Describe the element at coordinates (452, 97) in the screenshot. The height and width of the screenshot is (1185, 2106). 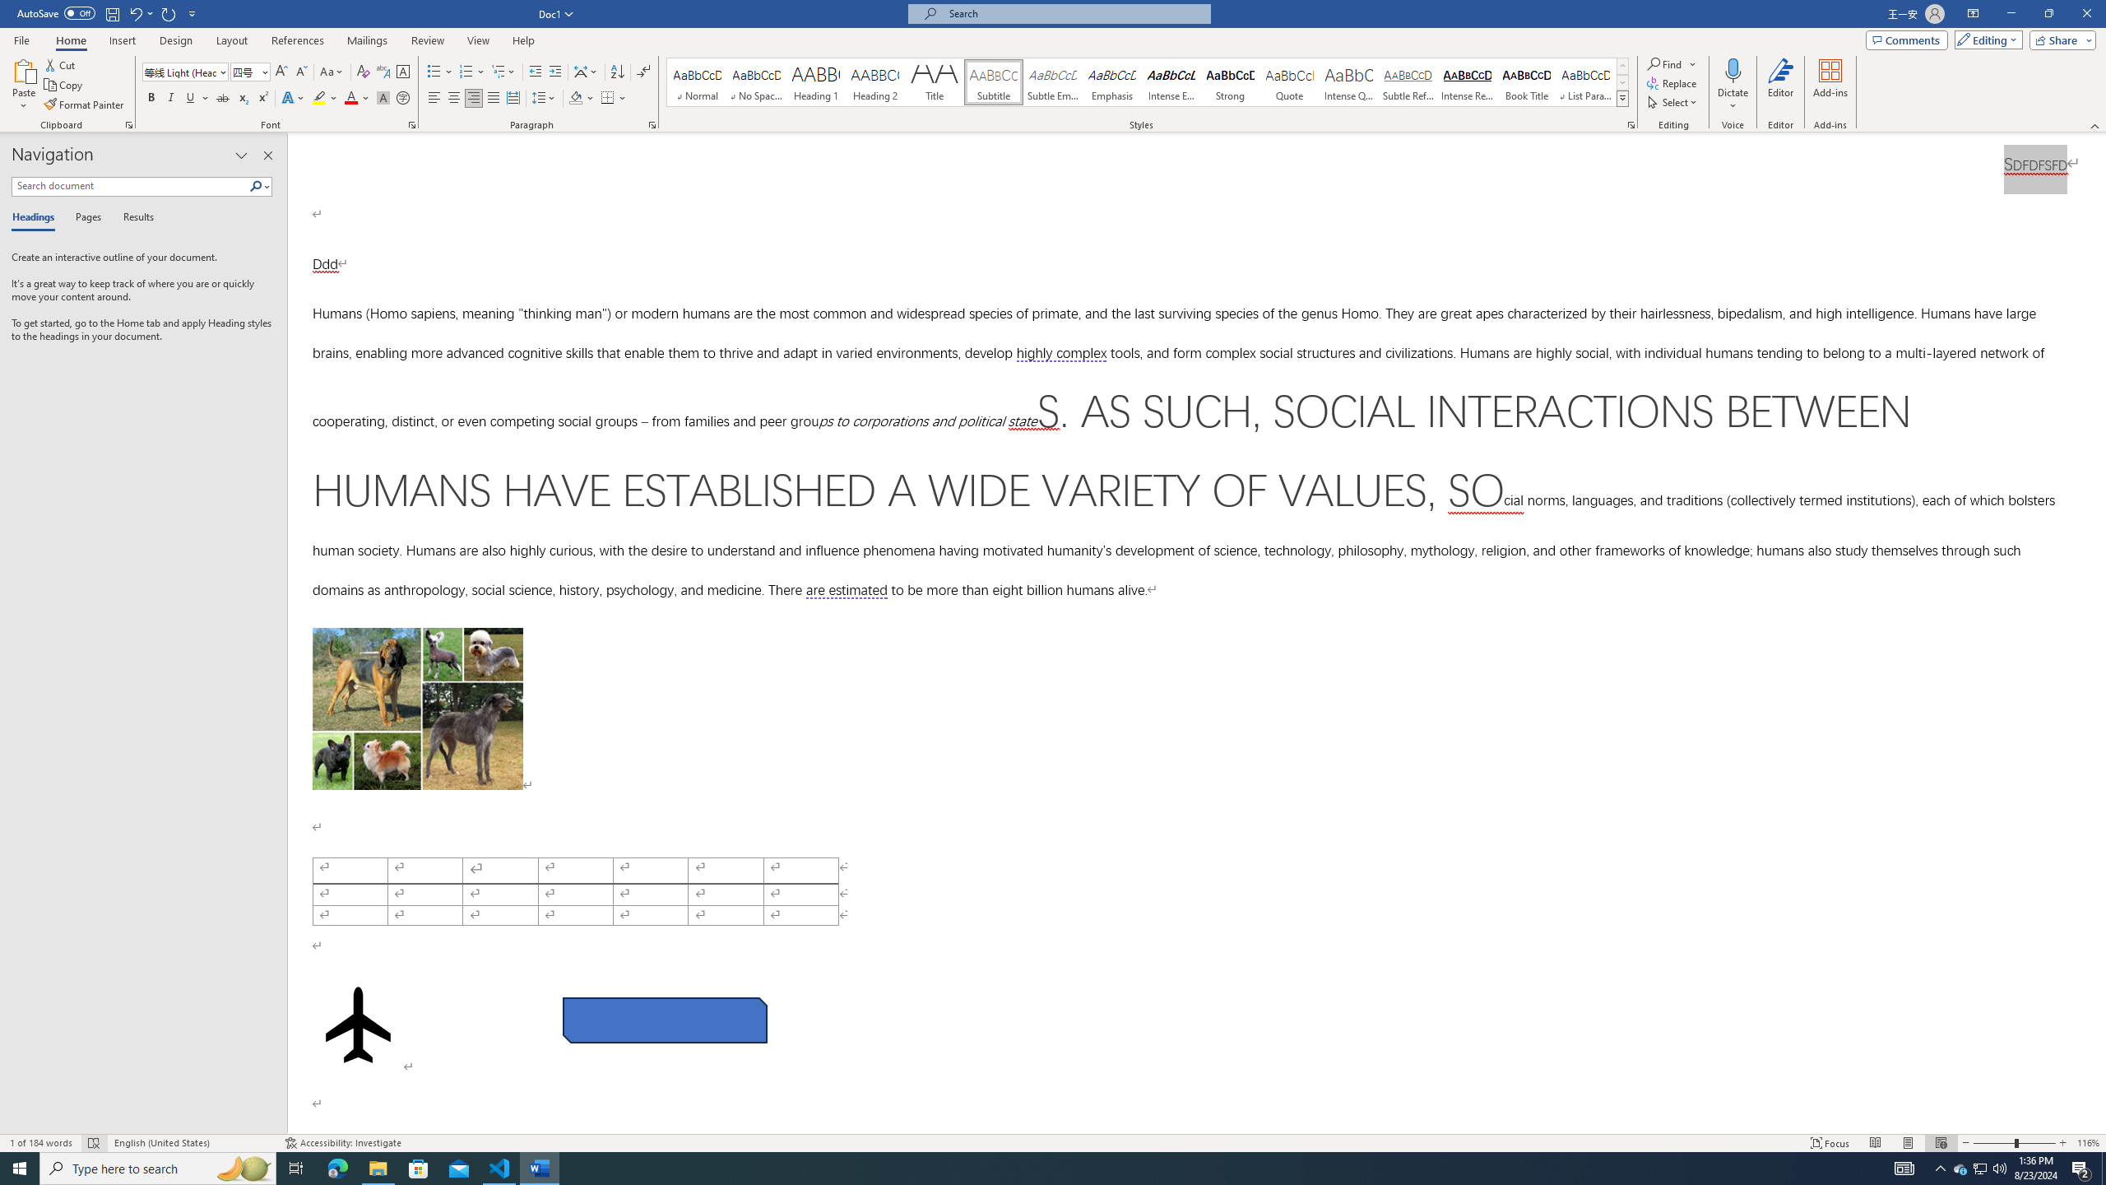
I see `'Center'` at that location.